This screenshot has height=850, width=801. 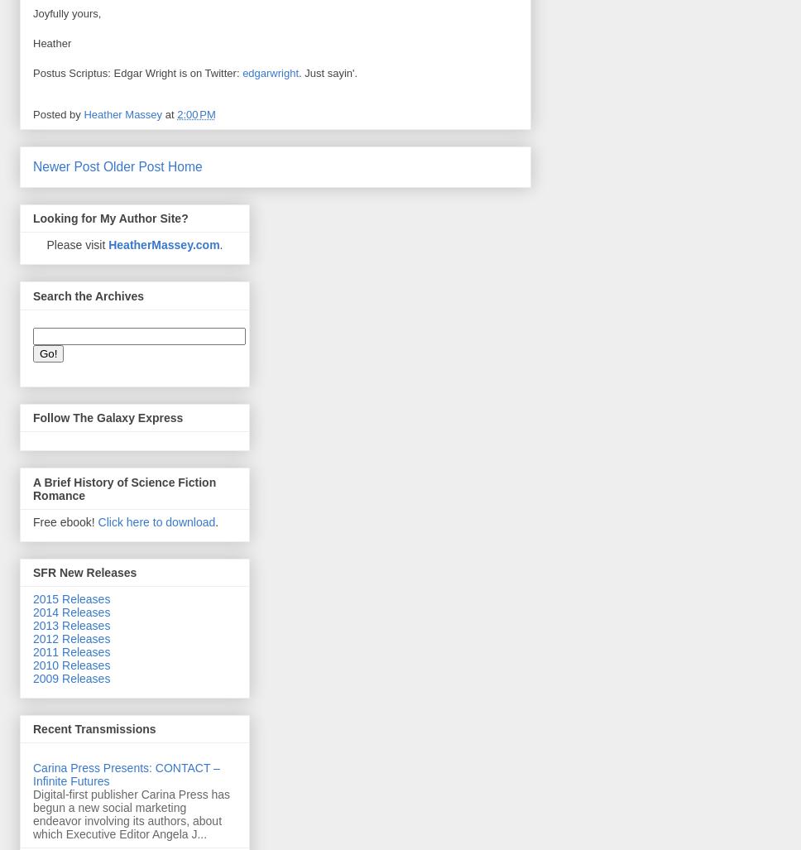 I want to click on 'Follow The Galaxy Express', so click(x=107, y=417).